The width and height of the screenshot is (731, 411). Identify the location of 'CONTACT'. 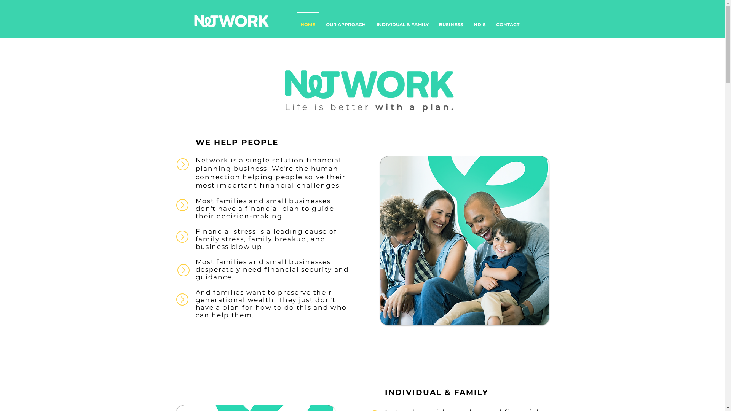
(508, 21).